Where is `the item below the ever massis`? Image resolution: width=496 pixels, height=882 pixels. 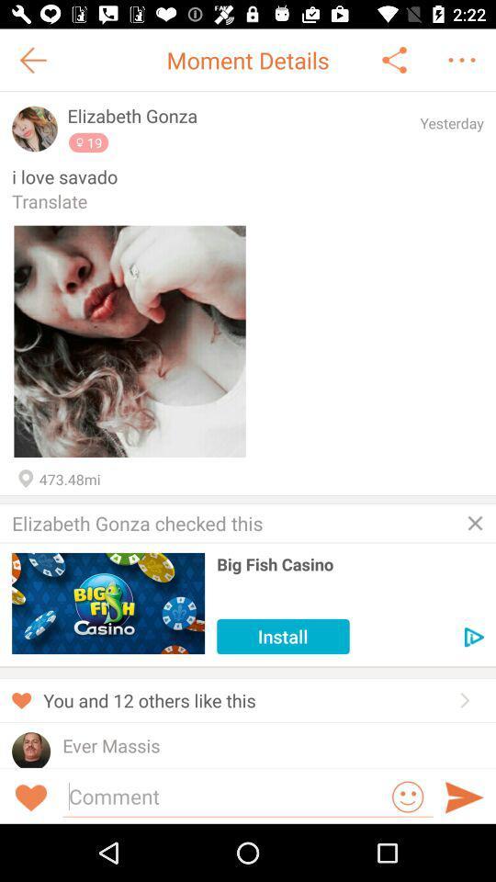 the item below the ever massis is located at coordinates (96, 765).